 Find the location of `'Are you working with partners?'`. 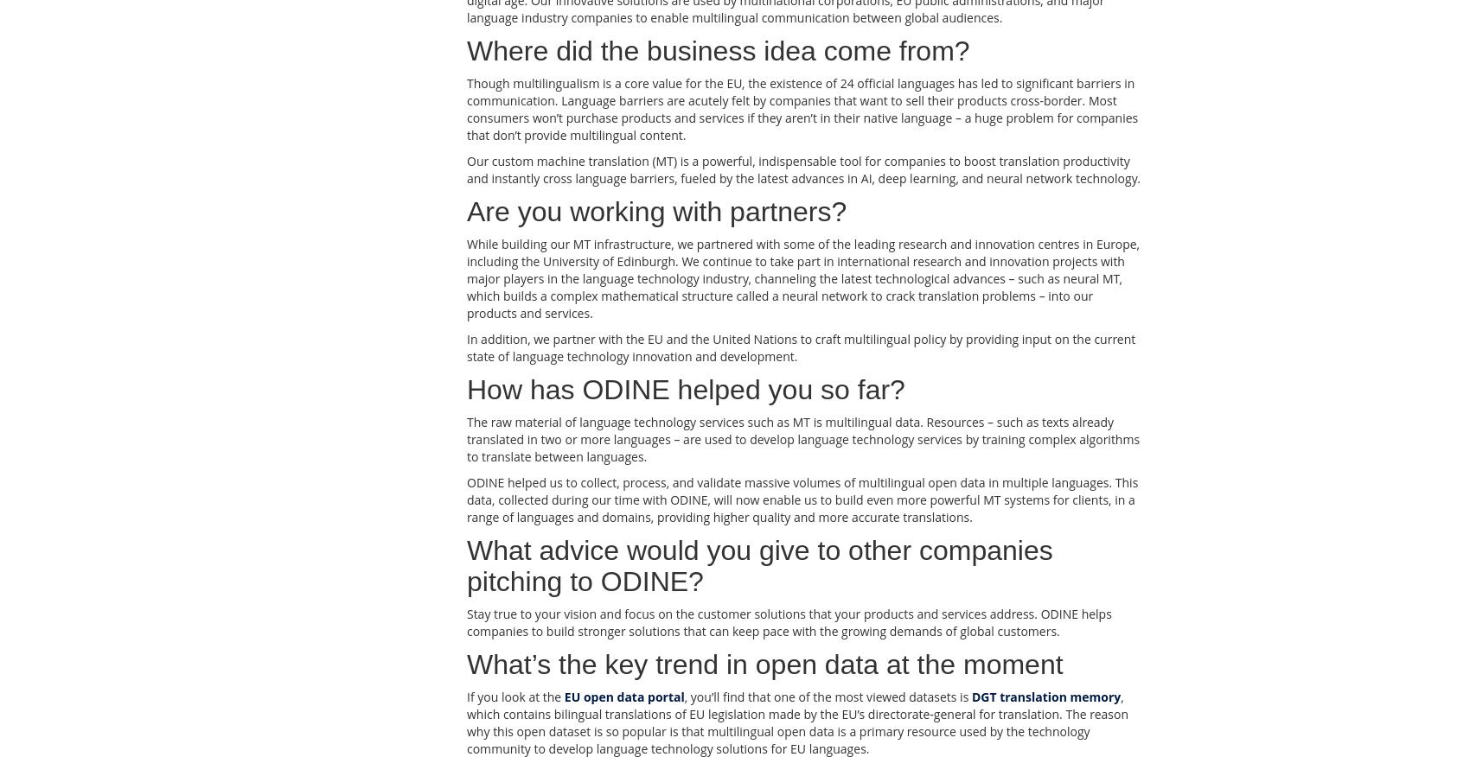

'Are you working with partners?' is located at coordinates (655, 211).